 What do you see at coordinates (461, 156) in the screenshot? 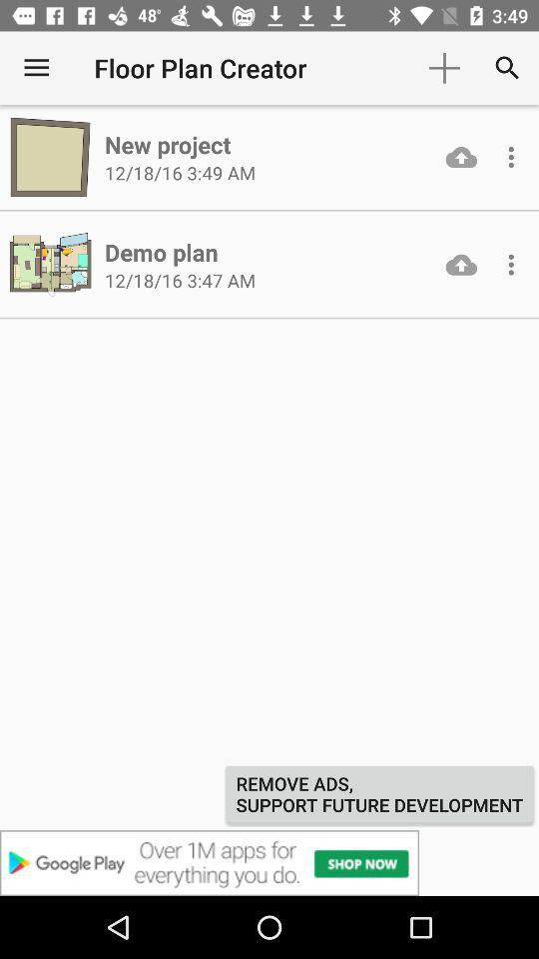
I see `upload new project` at bounding box center [461, 156].